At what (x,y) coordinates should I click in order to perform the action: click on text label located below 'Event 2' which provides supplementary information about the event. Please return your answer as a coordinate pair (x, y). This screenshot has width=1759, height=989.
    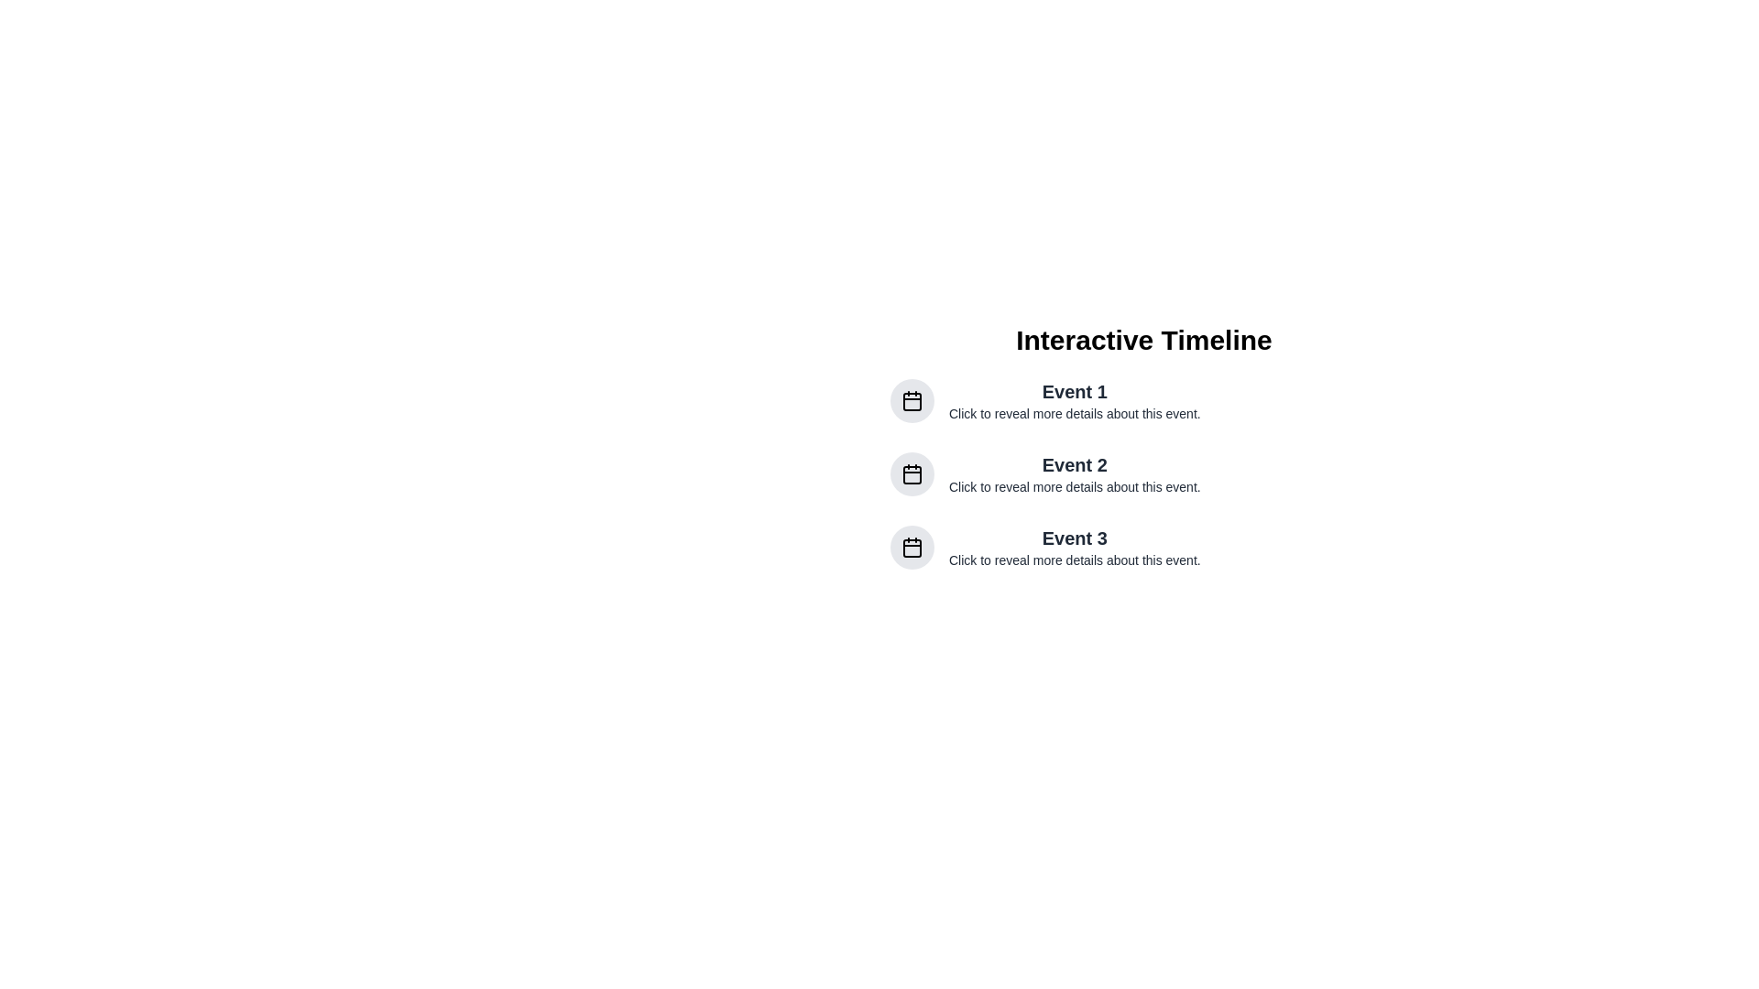
    Looking at the image, I should click on (1075, 486).